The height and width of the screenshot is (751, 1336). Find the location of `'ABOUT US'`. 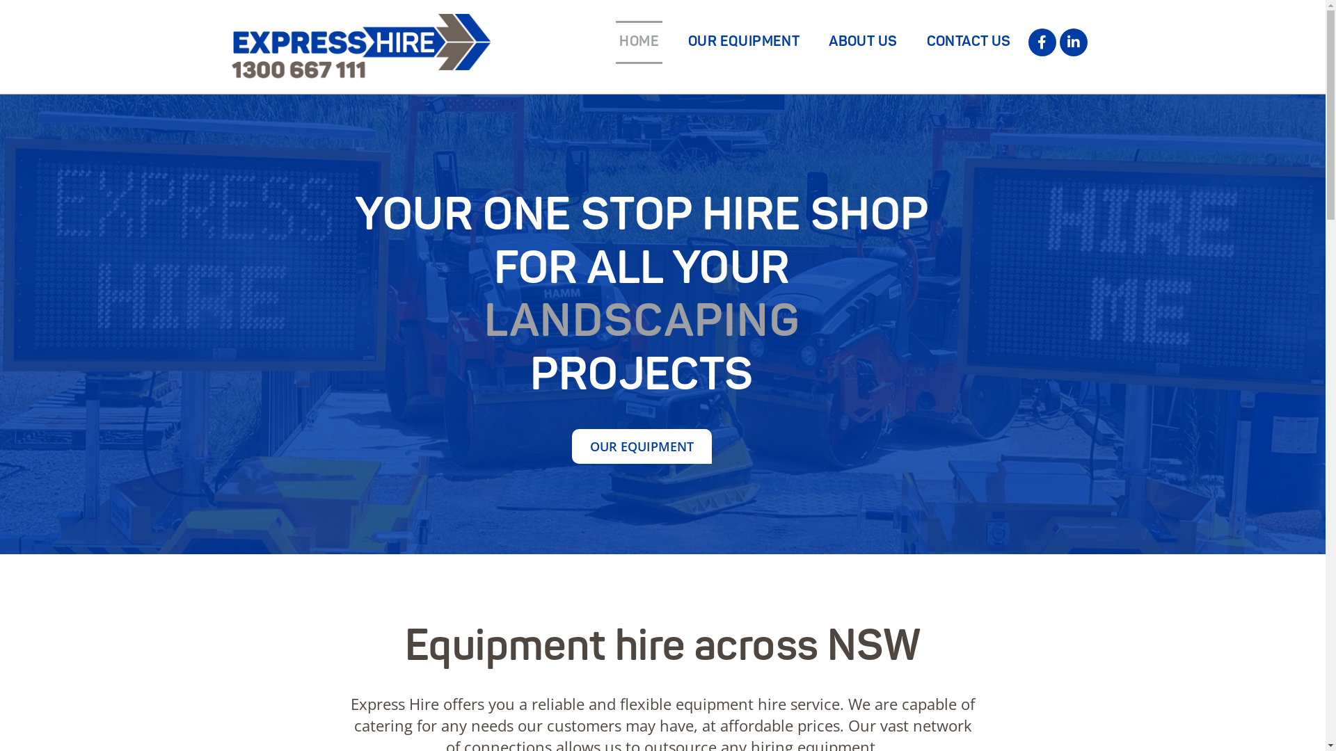

'ABOUT US' is located at coordinates (861, 42).